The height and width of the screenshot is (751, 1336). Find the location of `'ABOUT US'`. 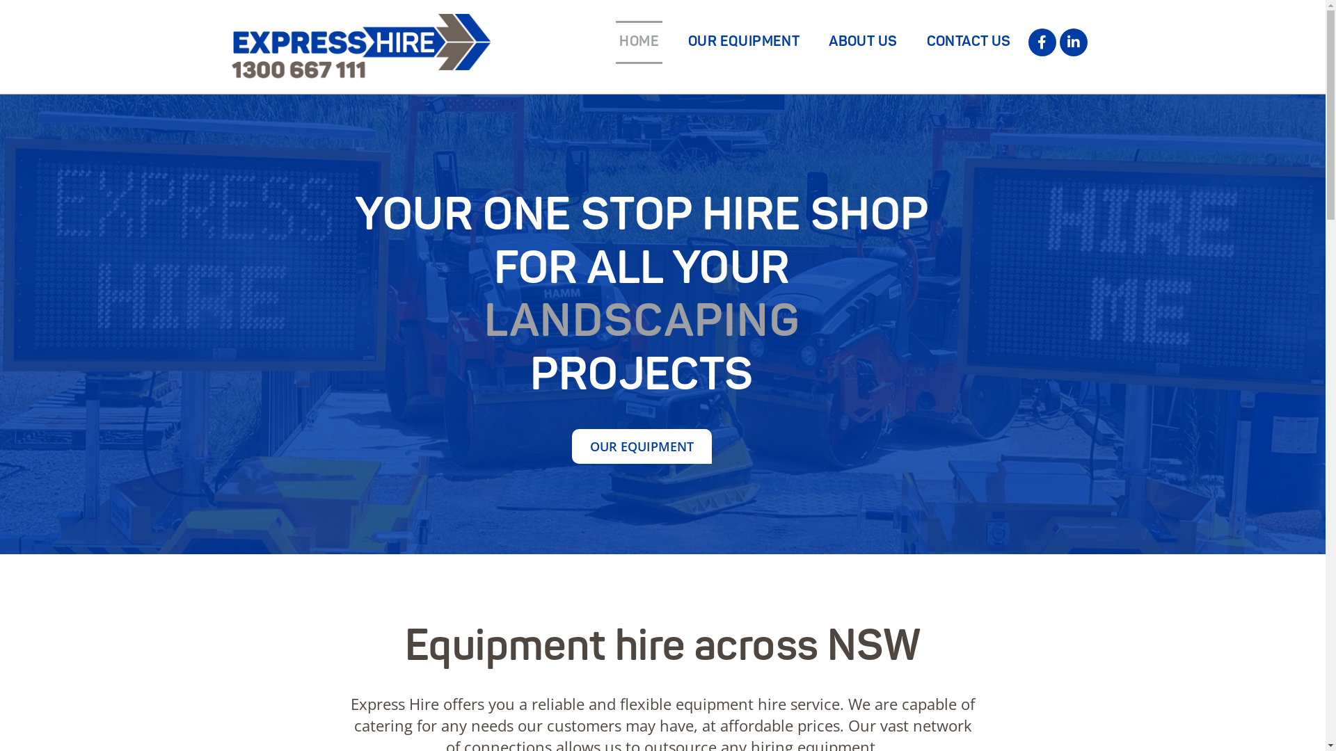

'ABOUT US' is located at coordinates (861, 42).